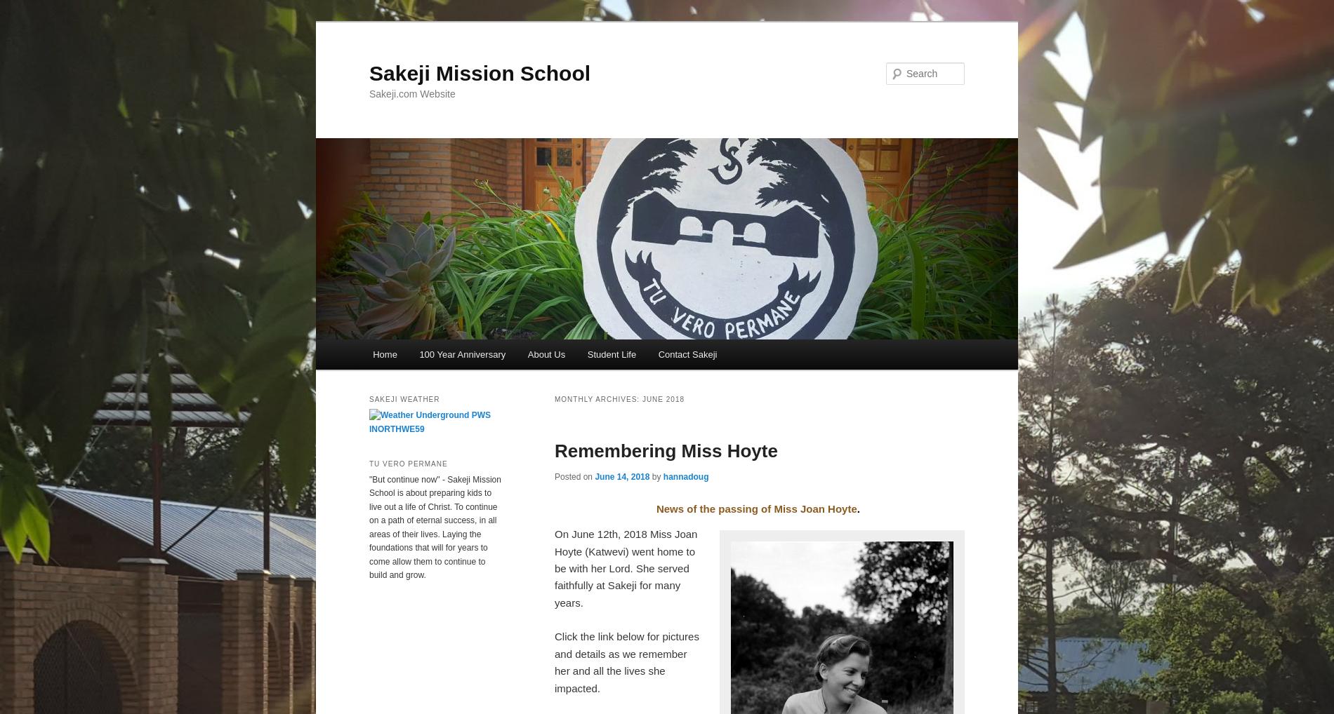 The width and height of the screenshot is (1334, 714). Describe the element at coordinates (661, 477) in the screenshot. I see `'hannadoug'` at that location.